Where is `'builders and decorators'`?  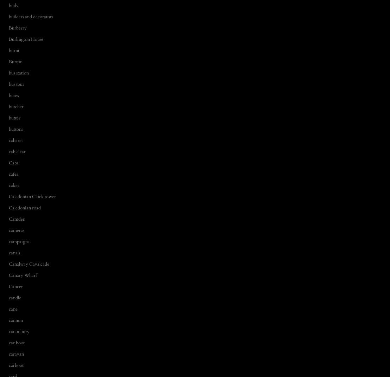 'builders and decorators' is located at coordinates (30, 16).